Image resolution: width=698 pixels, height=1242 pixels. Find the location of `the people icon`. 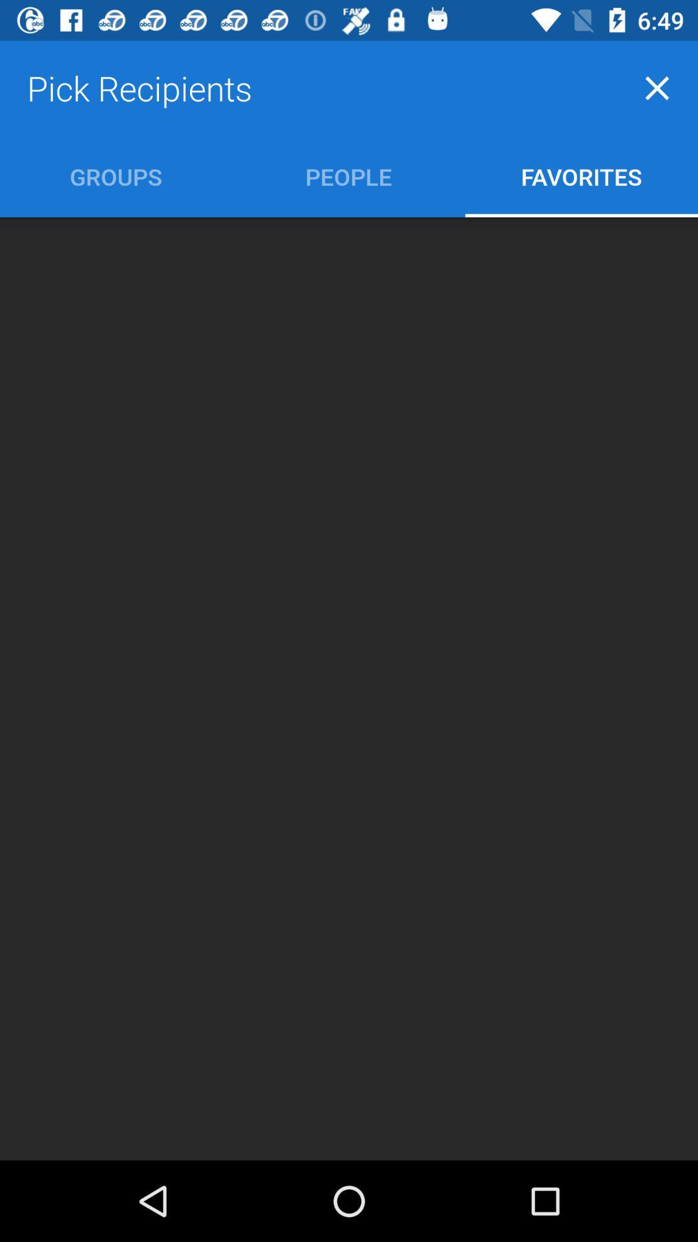

the people icon is located at coordinates (348, 176).